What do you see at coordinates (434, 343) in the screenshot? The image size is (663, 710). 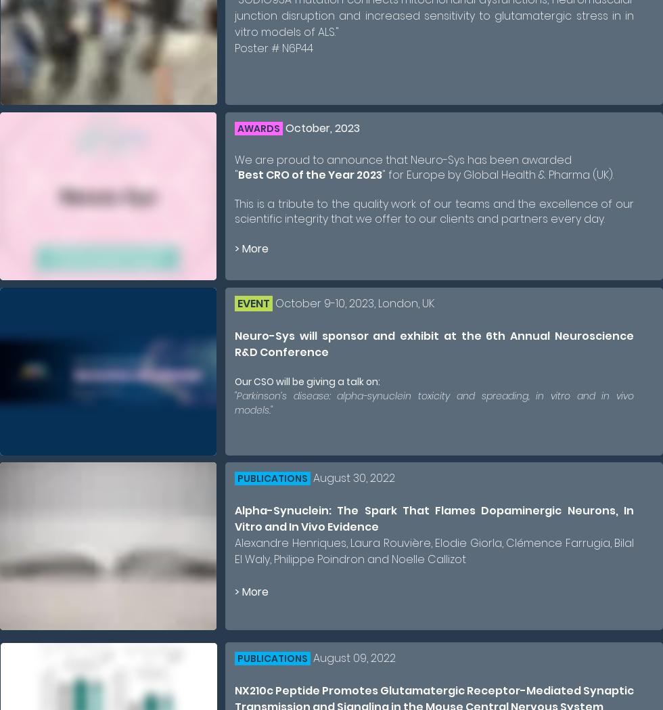 I see `'uro-Sys will sponsor and exhibit at the 6th Annual Neuroscience R&D Conference'` at bounding box center [434, 343].